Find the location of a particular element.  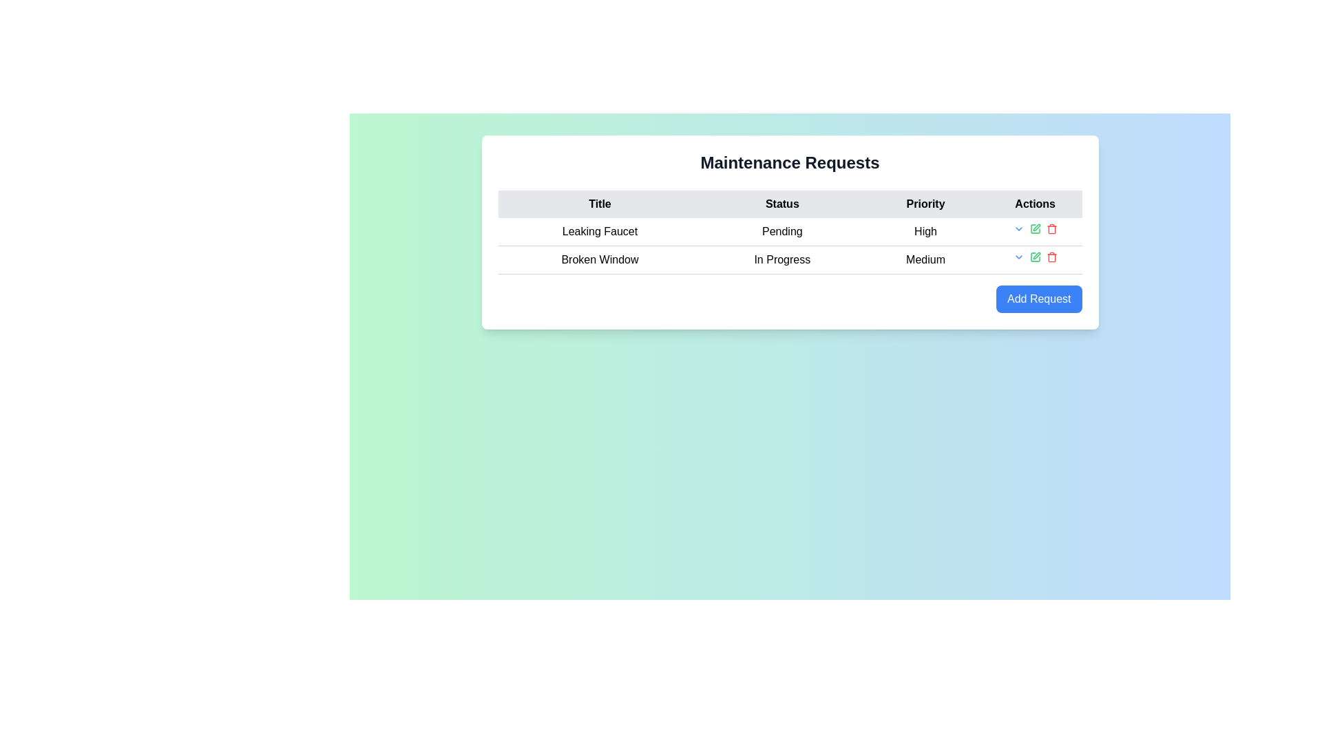

the text element displaying the status of a maintenance request, located in the second cell of the first row under the 'Status' column in the table is located at coordinates (782, 231).